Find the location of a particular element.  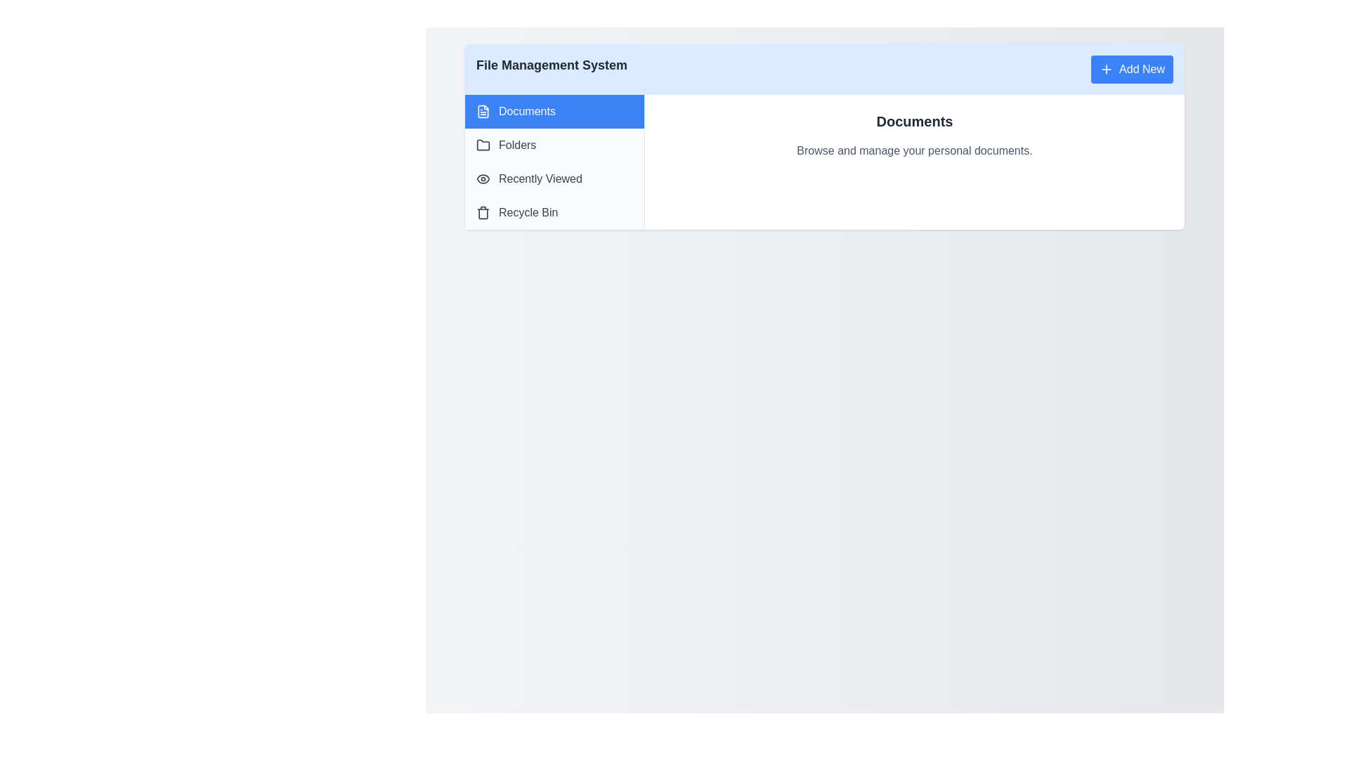

the document icon with a folded corner in the sidebar, which represents the 'Documents' menu item is located at coordinates (483, 110).